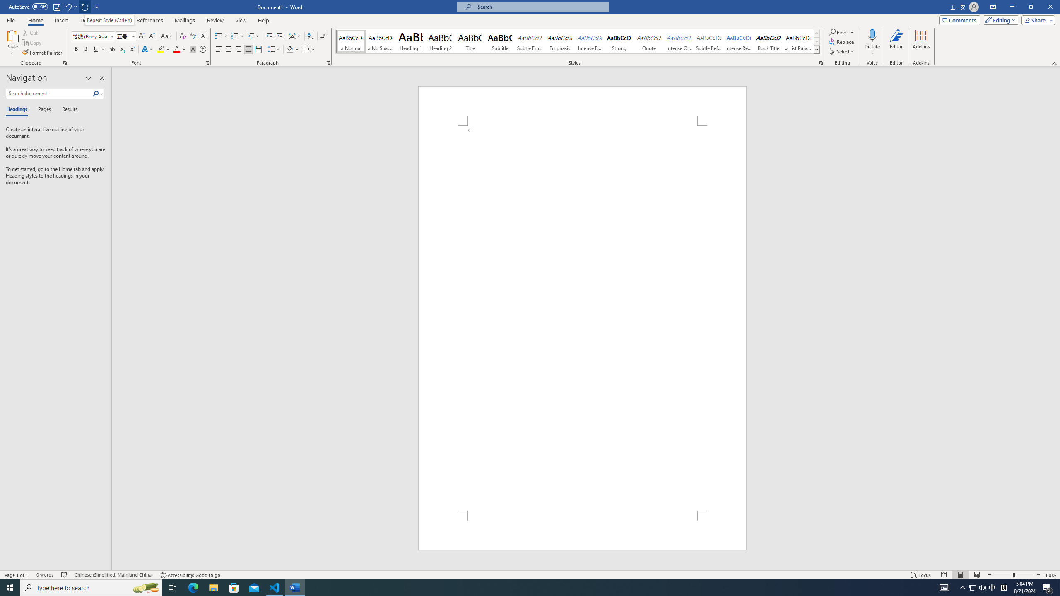 The width and height of the screenshot is (1060, 596). I want to click on 'Emphasis', so click(559, 41).